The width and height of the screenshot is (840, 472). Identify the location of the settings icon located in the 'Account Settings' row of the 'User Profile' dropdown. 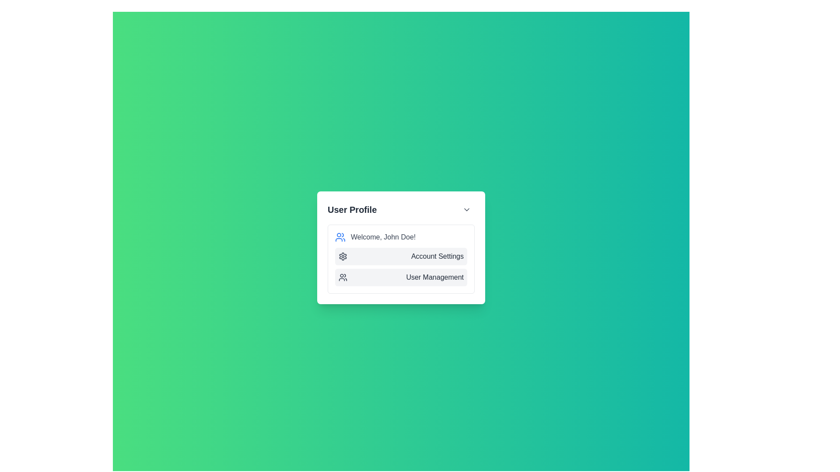
(342, 256).